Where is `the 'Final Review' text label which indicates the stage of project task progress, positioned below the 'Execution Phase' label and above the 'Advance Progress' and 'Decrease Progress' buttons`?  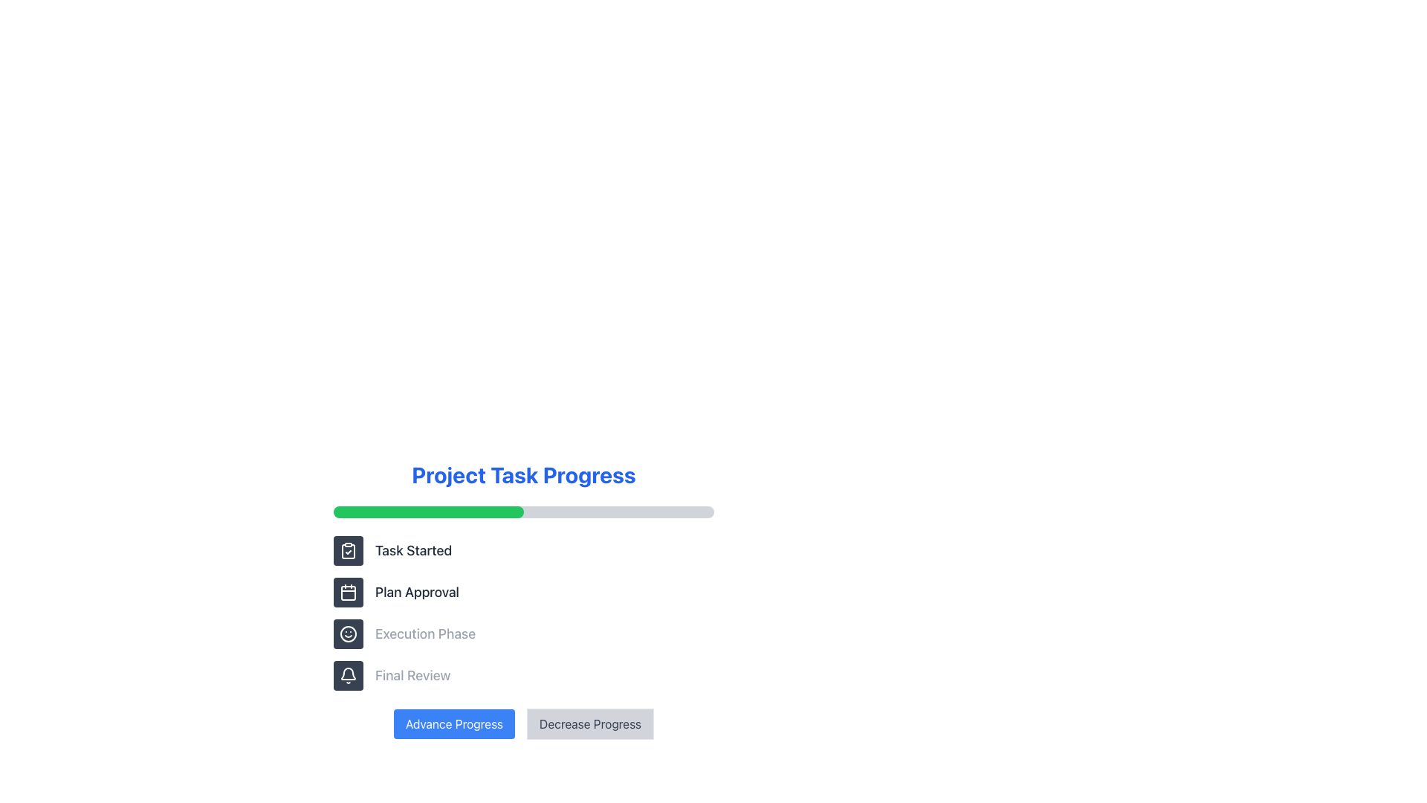
the 'Final Review' text label which indicates the stage of project task progress, positioned below the 'Execution Phase' label and above the 'Advance Progress' and 'Decrease Progress' buttons is located at coordinates (412, 676).